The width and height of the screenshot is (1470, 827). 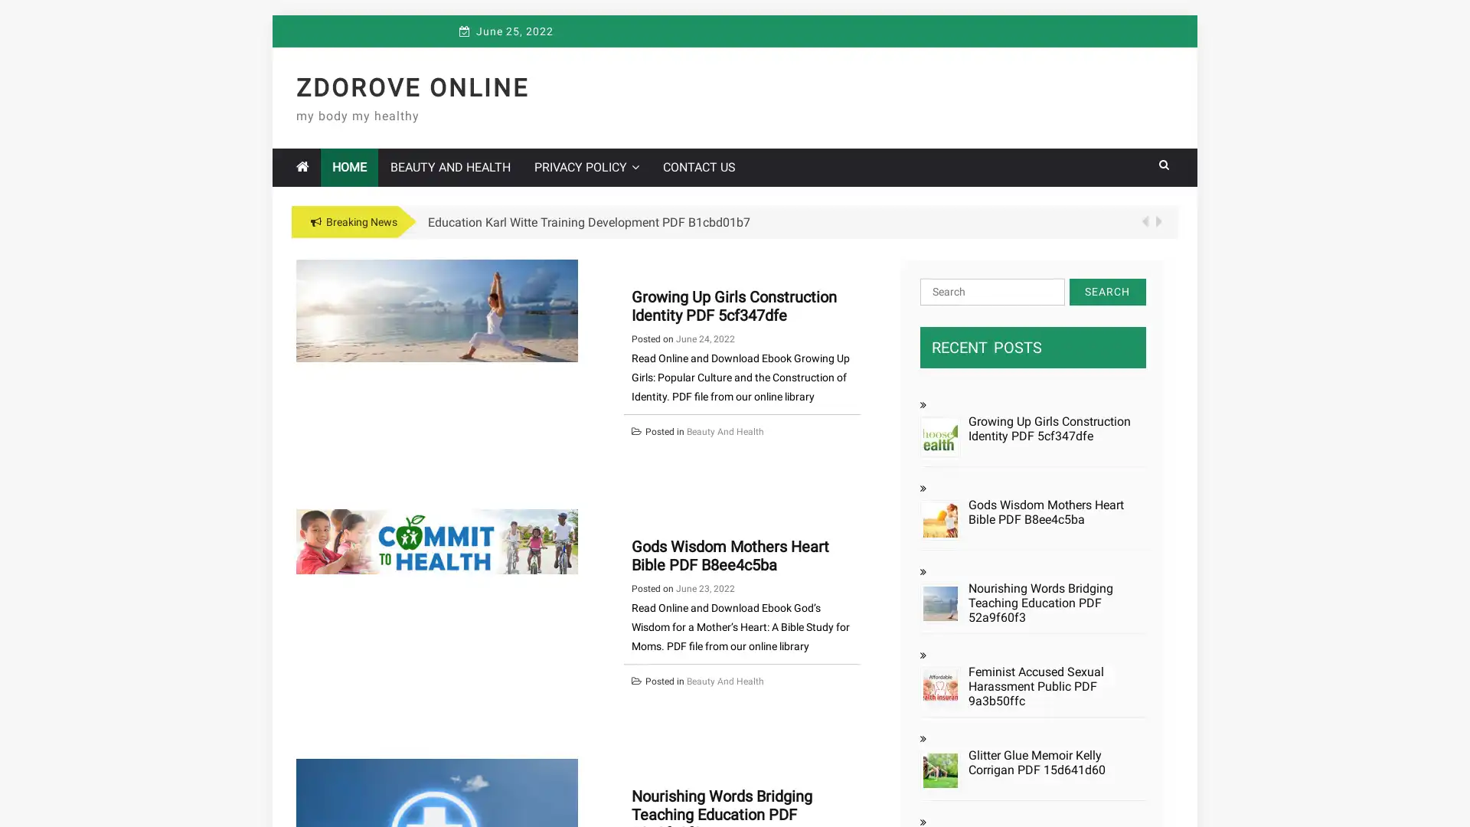 What do you see at coordinates (1106, 291) in the screenshot?
I see `Search` at bounding box center [1106, 291].